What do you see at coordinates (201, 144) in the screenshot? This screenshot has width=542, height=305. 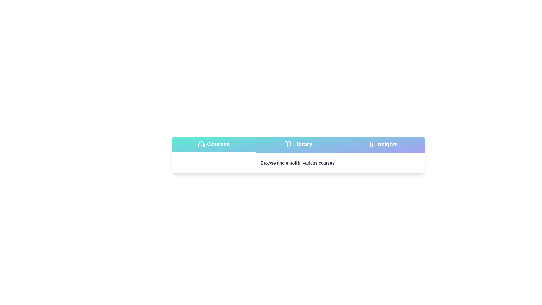 I see `the tab icon for Courses` at bounding box center [201, 144].